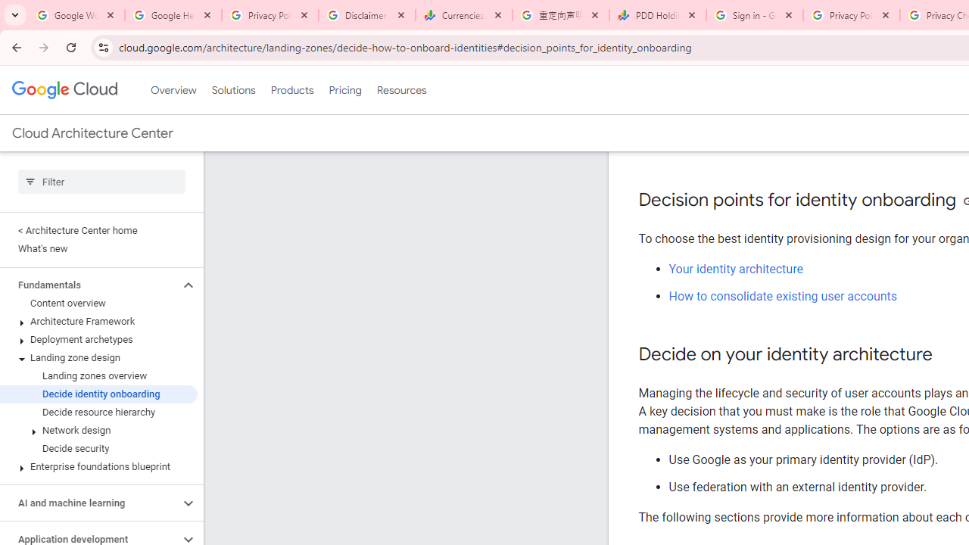  What do you see at coordinates (98, 304) in the screenshot?
I see `'Content overview'` at bounding box center [98, 304].